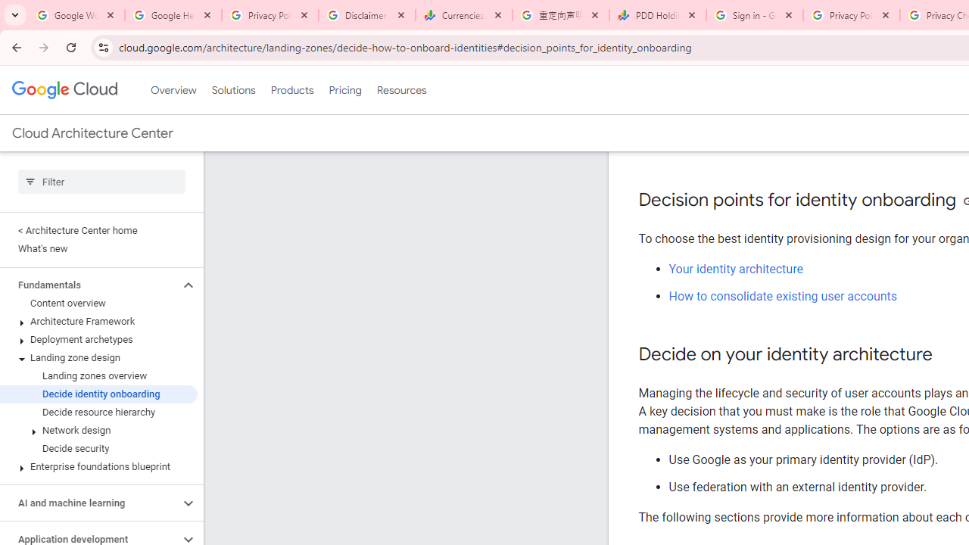  What do you see at coordinates (98, 304) in the screenshot?
I see `'Content overview'` at bounding box center [98, 304].